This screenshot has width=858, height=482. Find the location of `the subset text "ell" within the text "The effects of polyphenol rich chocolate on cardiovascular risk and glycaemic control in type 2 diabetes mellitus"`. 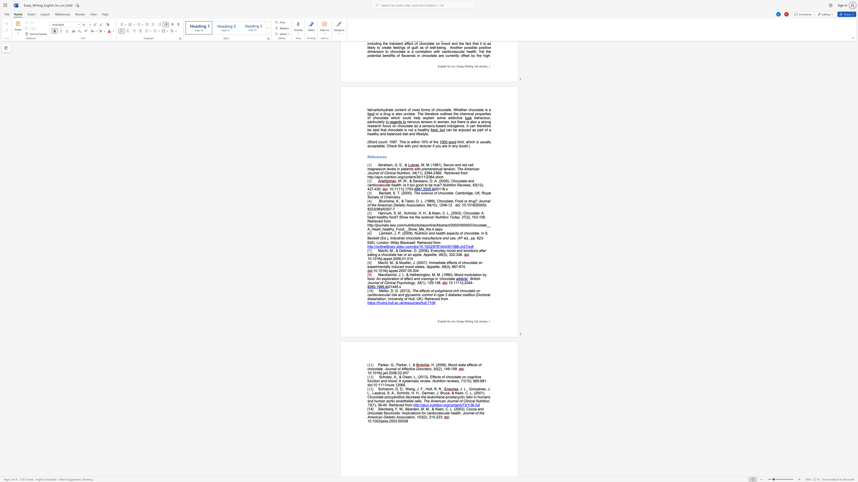

the subset text "ell" within the text "The effects of polyphenol rich chocolate on cardiovascular risk and glycaemic control in type 2 diabetes mellitus" is located at coordinates (465, 294).